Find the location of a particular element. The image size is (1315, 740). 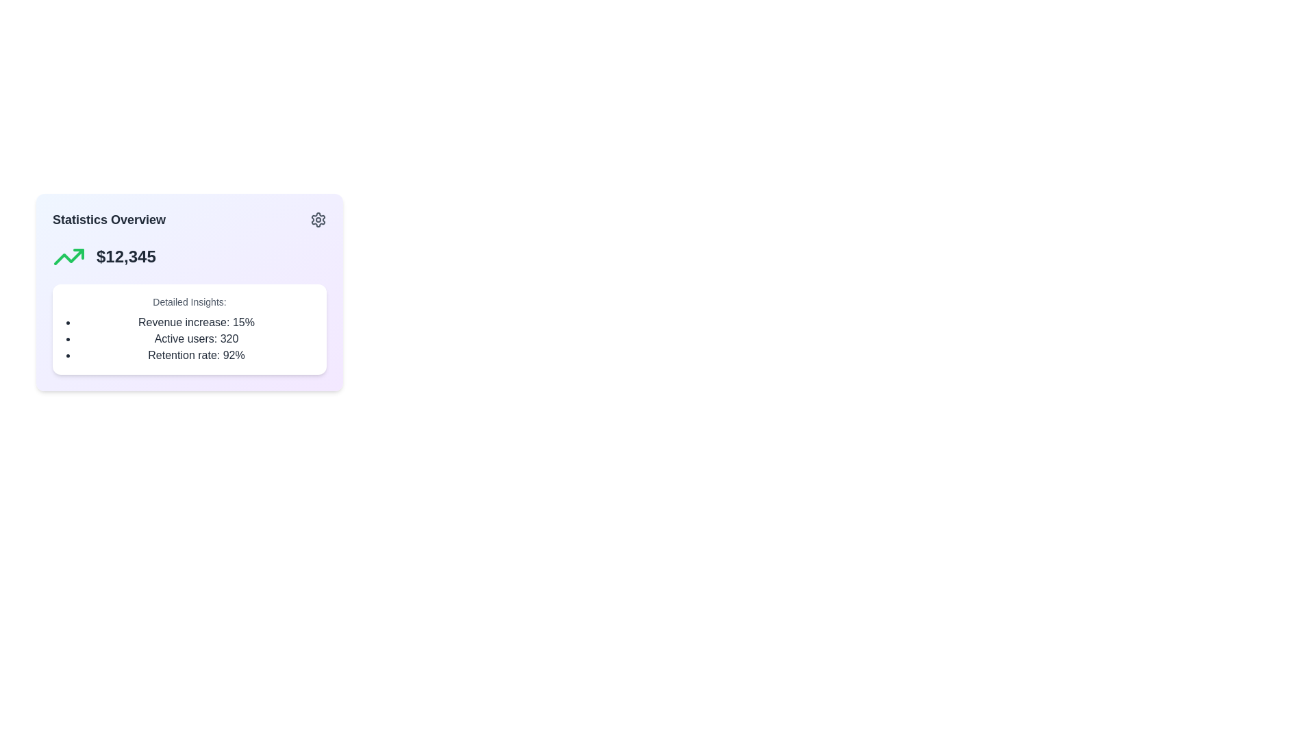

the left component of the gear icon's SVG paths located in the top-right corner of the 'Statistics Overview' card is located at coordinates (318, 219).